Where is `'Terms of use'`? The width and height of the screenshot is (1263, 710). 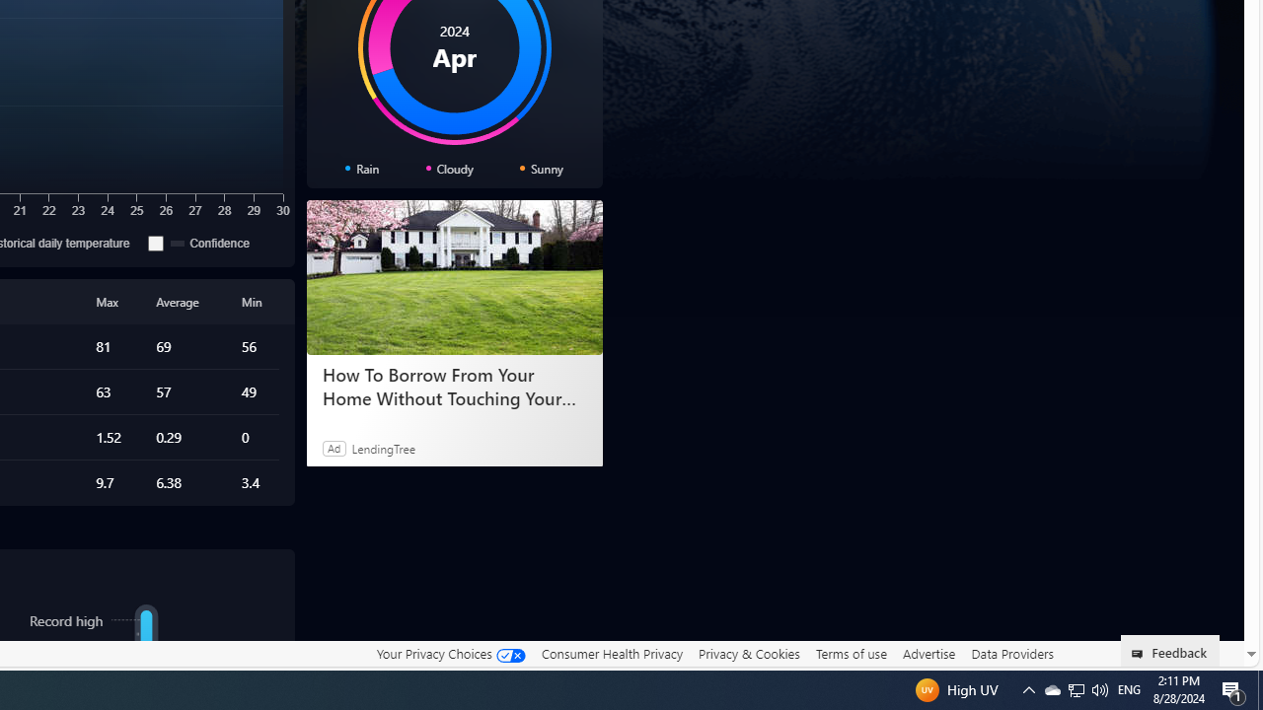 'Terms of use' is located at coordinates (851, 654).